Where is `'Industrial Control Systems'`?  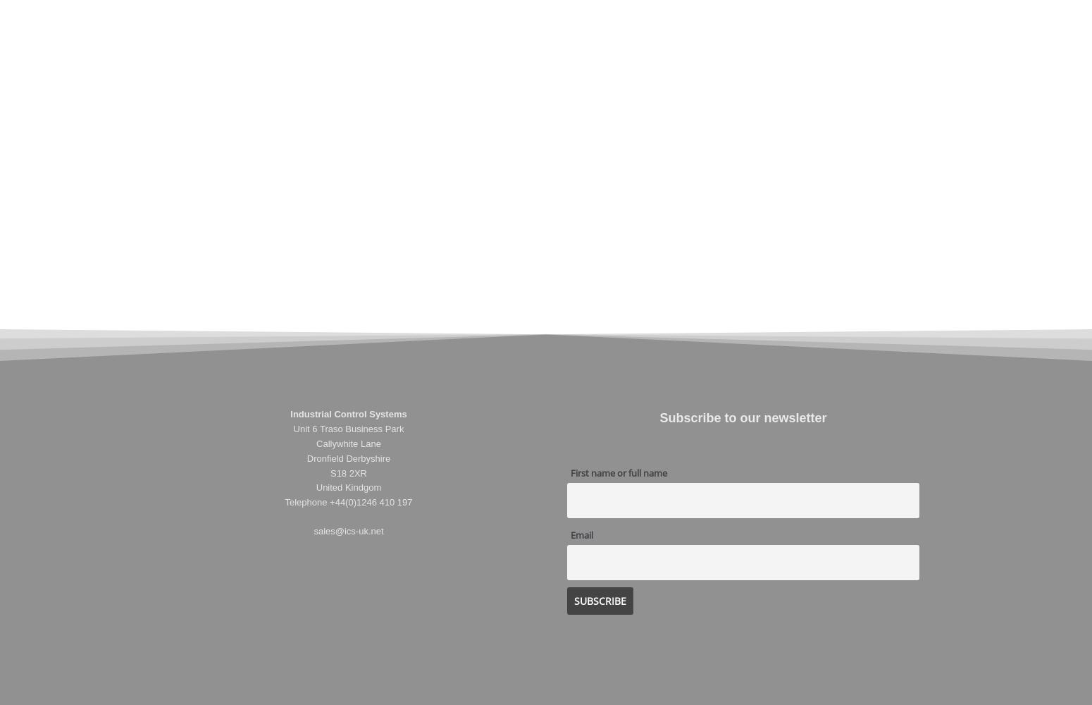 'Industrial Control Systems' is located at coordinates (347, 413).